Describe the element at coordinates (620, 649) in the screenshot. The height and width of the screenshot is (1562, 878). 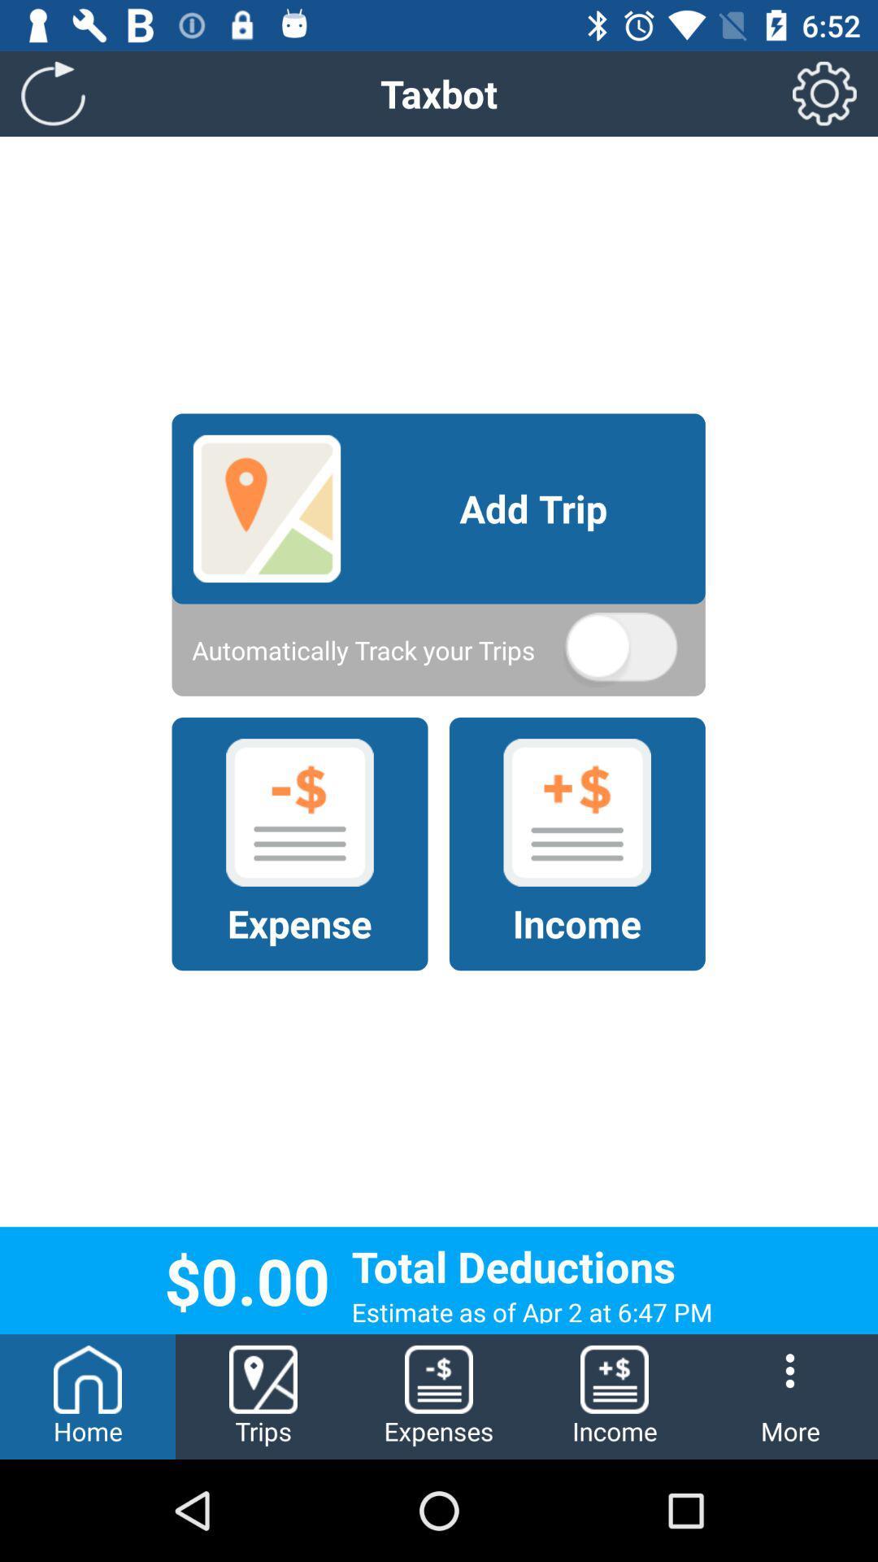
I see `icon on the right` at that location.